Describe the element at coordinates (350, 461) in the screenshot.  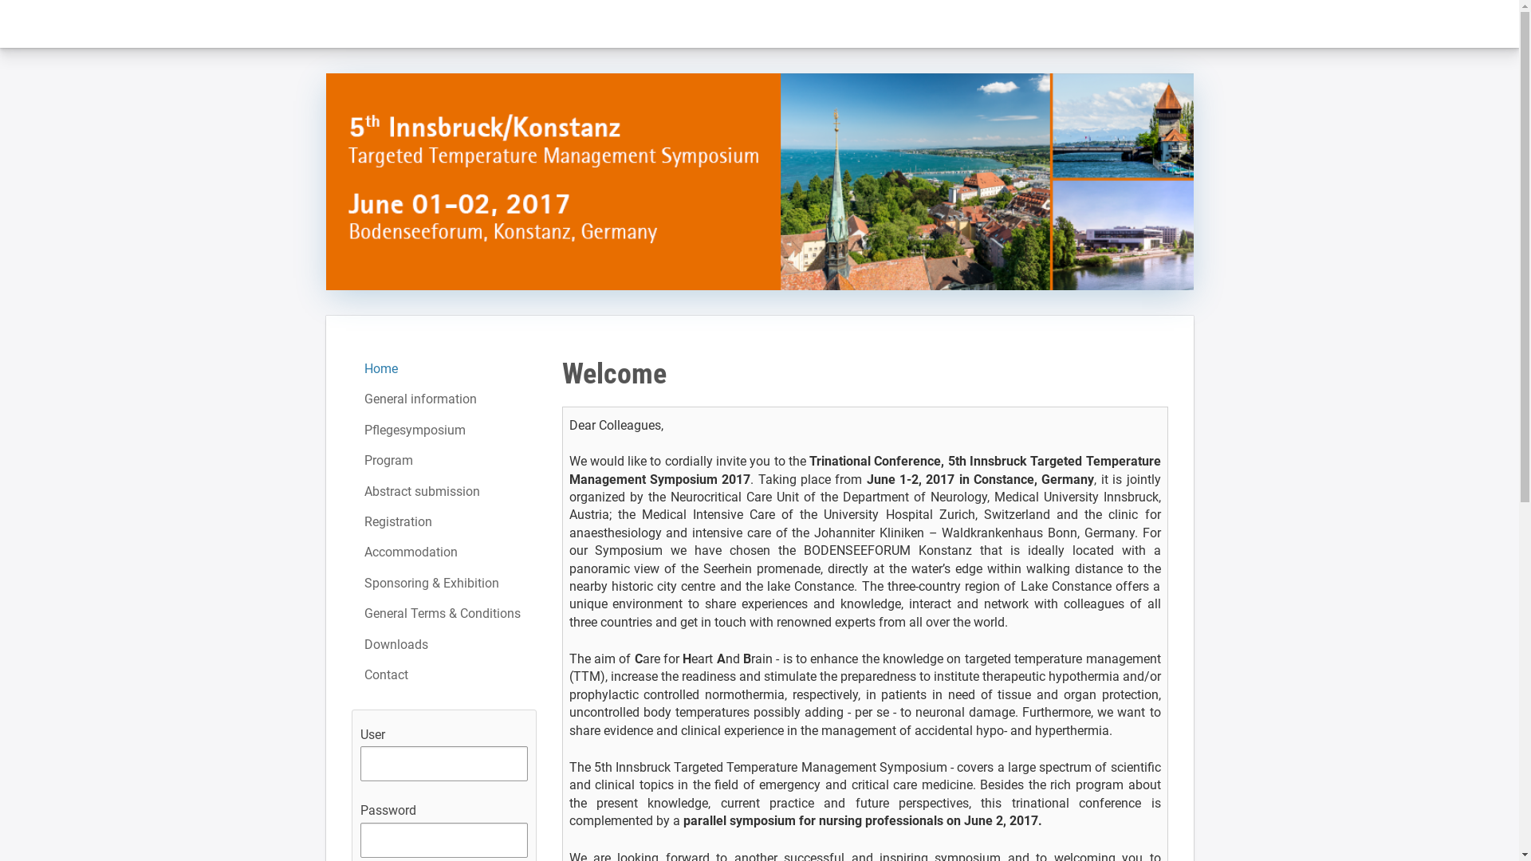
I see `'Program'` at that location.